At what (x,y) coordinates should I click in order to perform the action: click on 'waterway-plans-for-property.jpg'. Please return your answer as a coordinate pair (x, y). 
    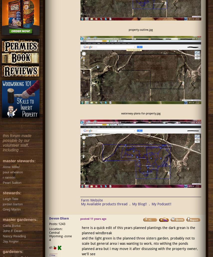
    Looking at the image, I should click on (121, 113).